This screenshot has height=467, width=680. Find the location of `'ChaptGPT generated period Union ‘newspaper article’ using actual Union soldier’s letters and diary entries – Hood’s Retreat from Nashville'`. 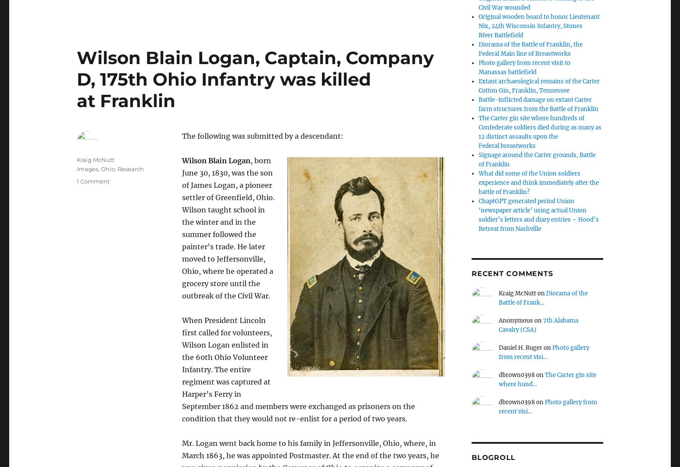

'ChaptGPT generated period Union ‘newspaper article’ using actual Union soldier’s letters and diary entries – Hood’s Retreat from Nashville' is located at coordinates (478, 215).